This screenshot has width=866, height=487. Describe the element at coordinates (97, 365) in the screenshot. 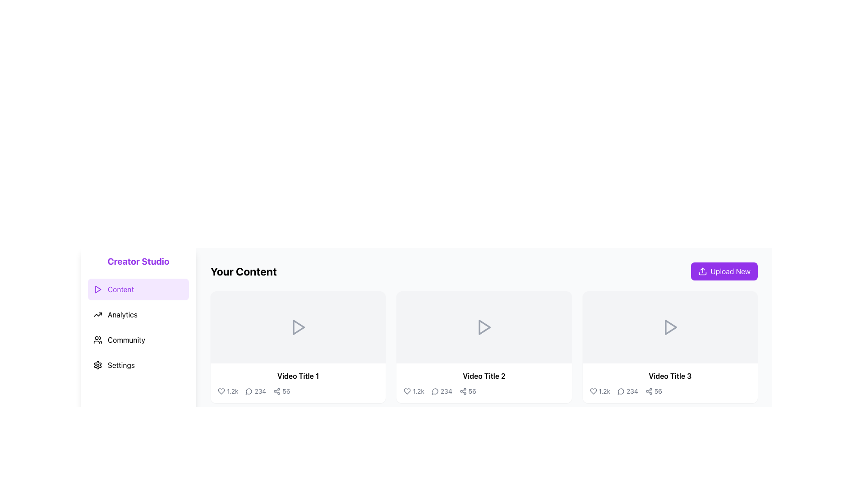

I see `the gear icon for 'Settings' located at the bottom of the vertical navigation menu` at that location.